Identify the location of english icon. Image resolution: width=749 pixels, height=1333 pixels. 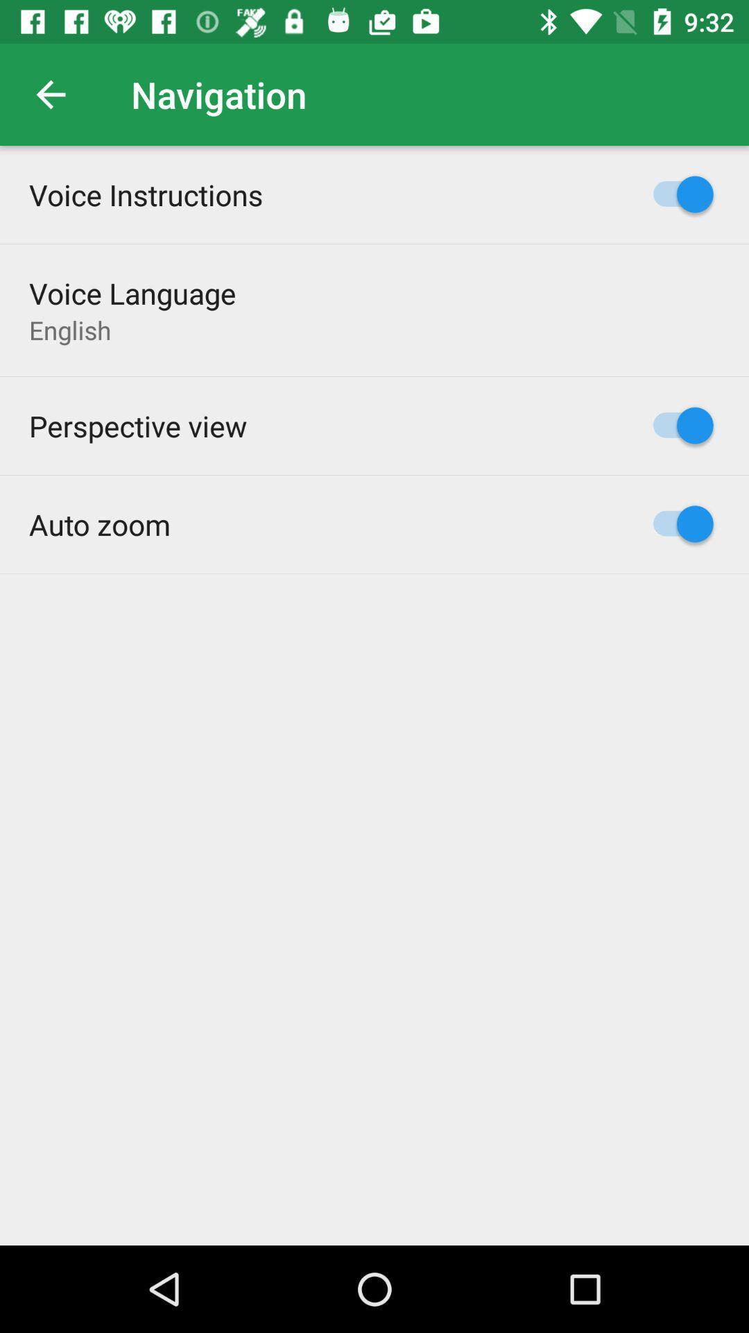
(70, 329).